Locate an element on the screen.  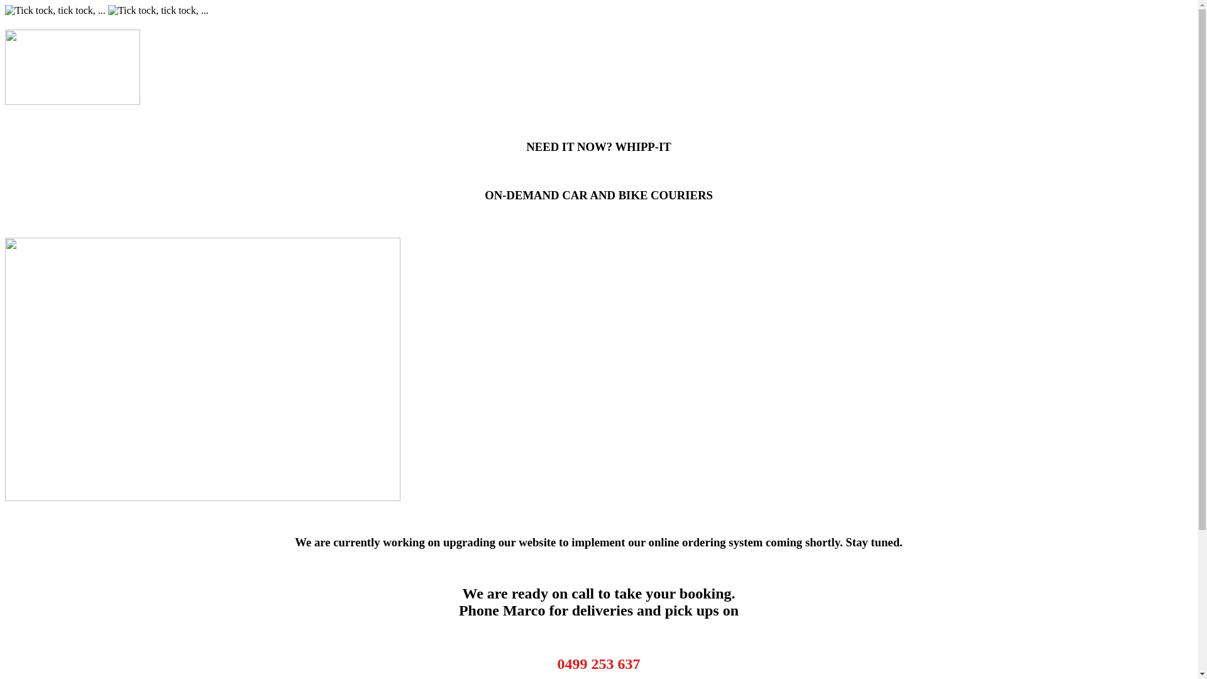
'Tick tock, tick tock, ...' is located at coordinates (158, 10).